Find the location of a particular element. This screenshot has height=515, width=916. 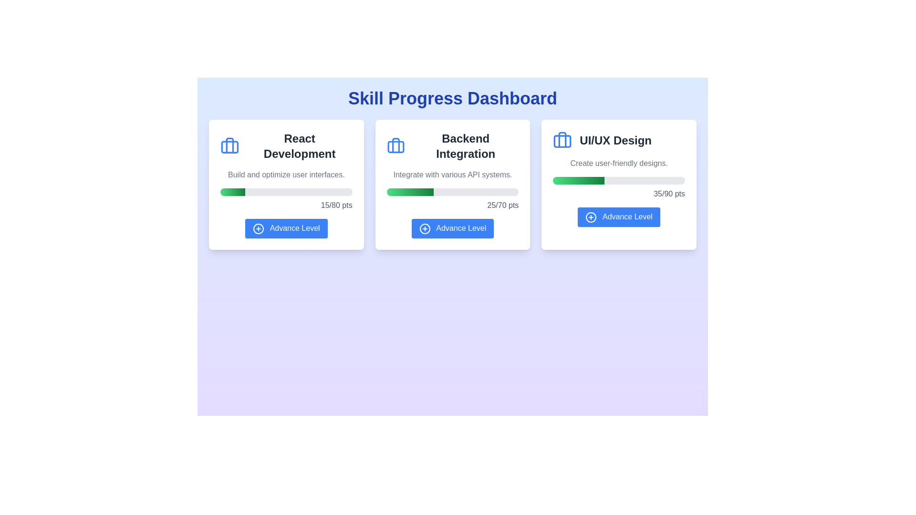

the heading text 'React Development' located in the first card of the layout, which is styled in a large, bold, dark font and positioned above associated content is located at coordinates (299, 146).